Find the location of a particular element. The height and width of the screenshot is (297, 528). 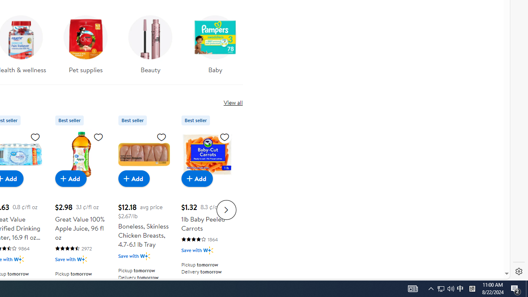

'Baby' is located at coordinates (215, 47).